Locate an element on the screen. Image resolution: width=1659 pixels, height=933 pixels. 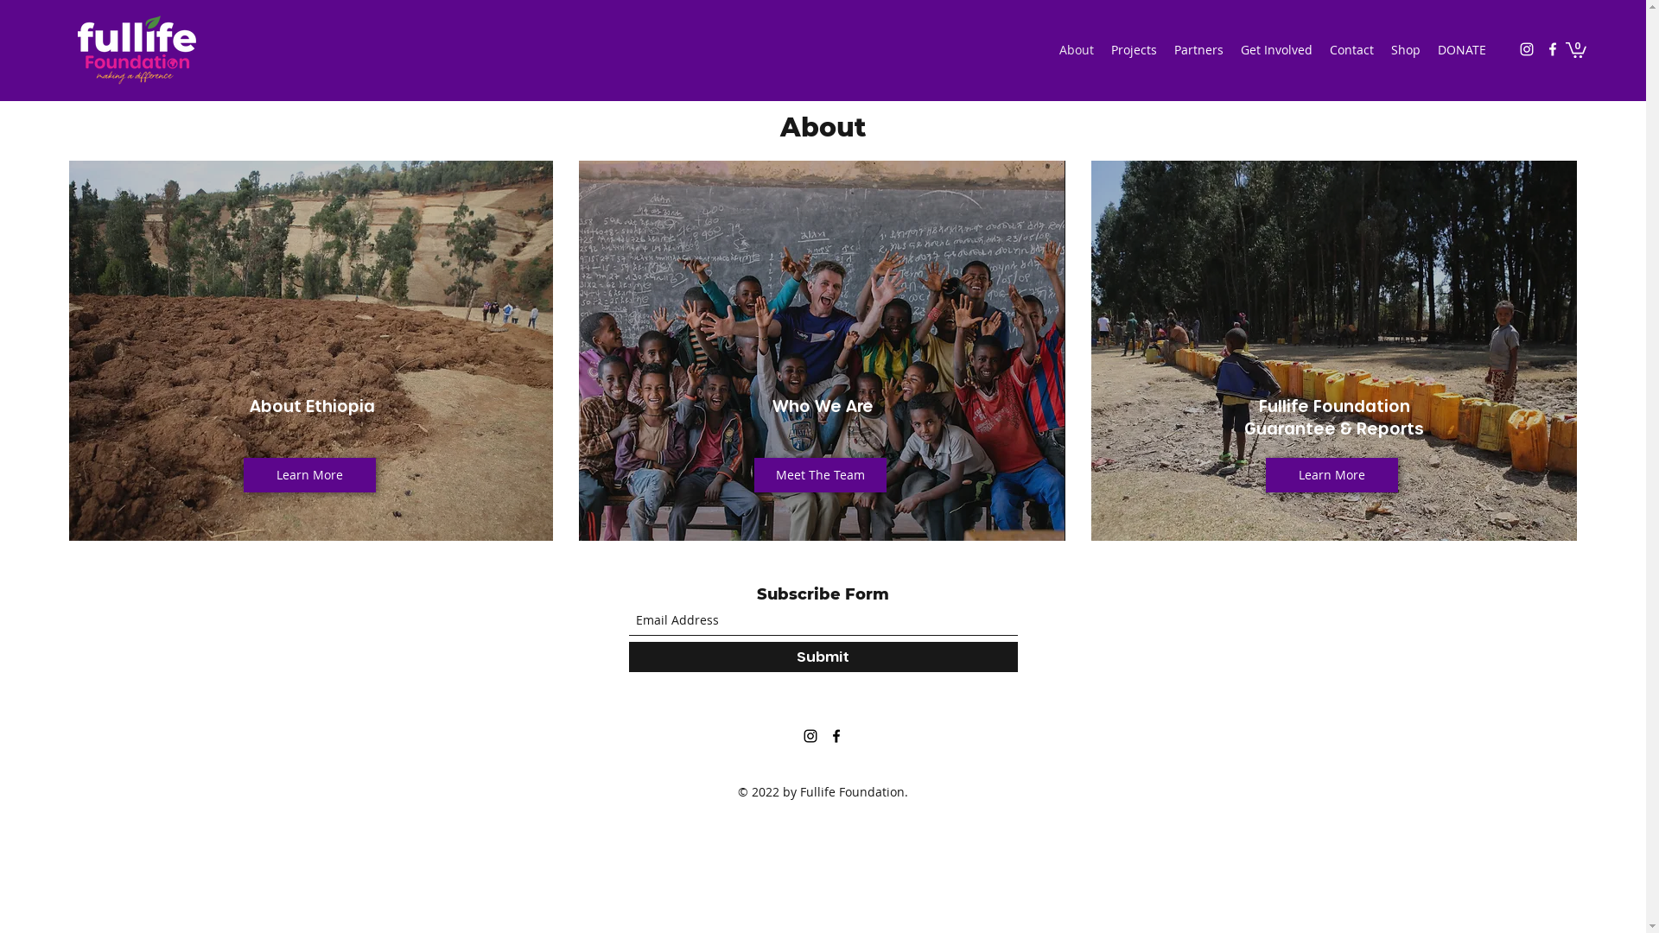
'0' is located at coordinates (1576, 48).